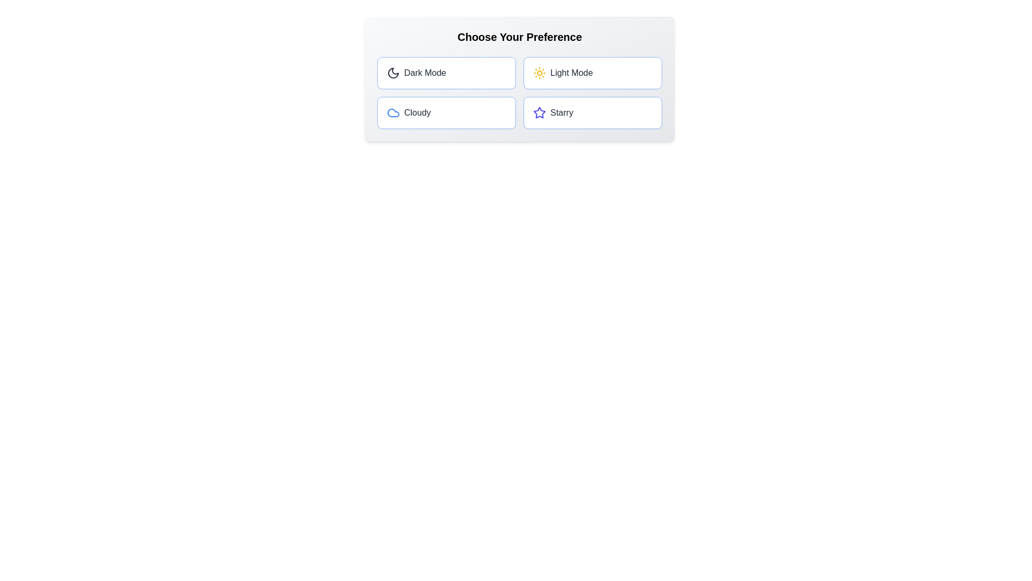  Describe the element at coordinates (392, 112) in the screenshot. I see `the blue cloud-shaped icon, which is located to the left of the text label 'Cloudy'` at that location.